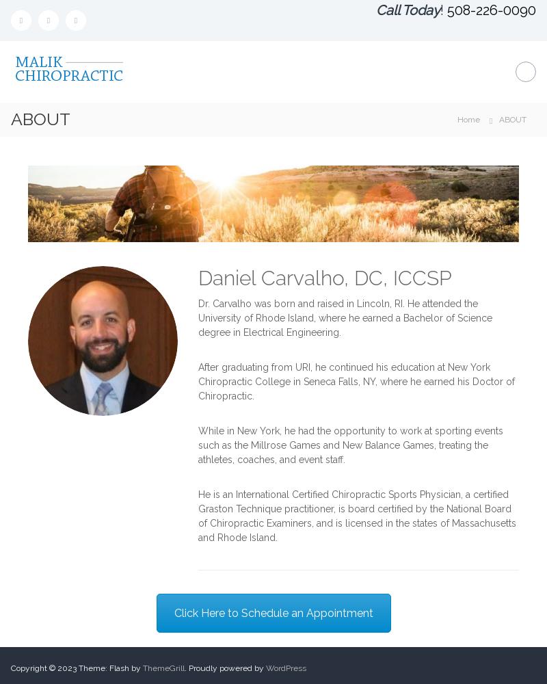  Describe the element at coordinates (44, 668) in the screenshot. I see `'Copyright ©  2023'` at that location.